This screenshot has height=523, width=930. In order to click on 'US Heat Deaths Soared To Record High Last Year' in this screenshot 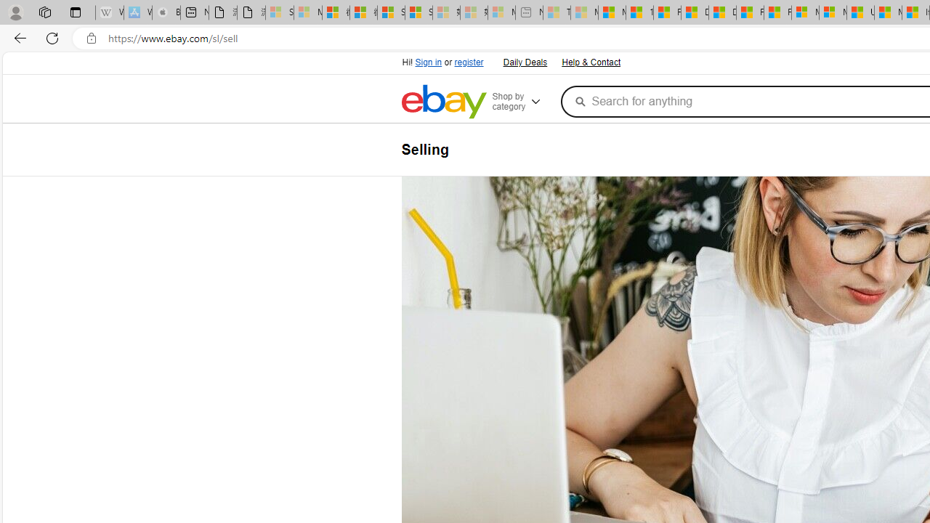, I will do `click(860, 12)`.